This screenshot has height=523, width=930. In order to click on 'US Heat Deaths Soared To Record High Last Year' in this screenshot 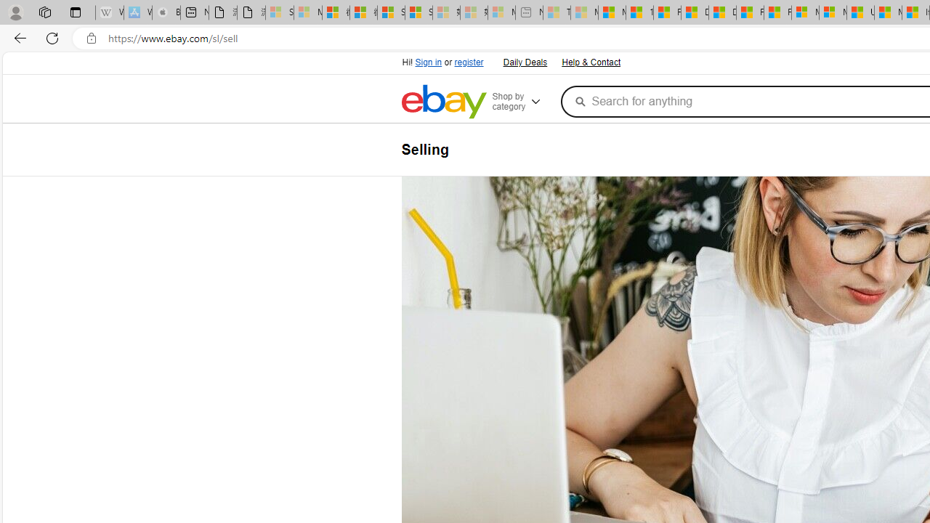, I will do `click(860, 12)`.